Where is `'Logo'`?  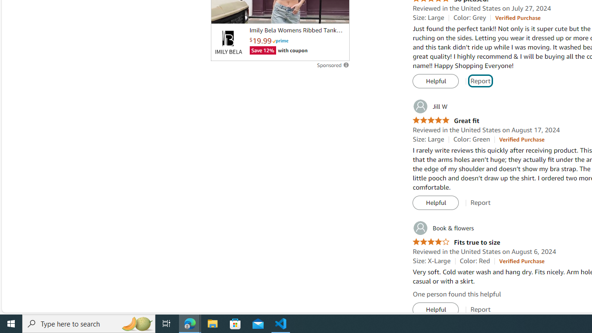 'Logo' is located at coordinates (228, 42).